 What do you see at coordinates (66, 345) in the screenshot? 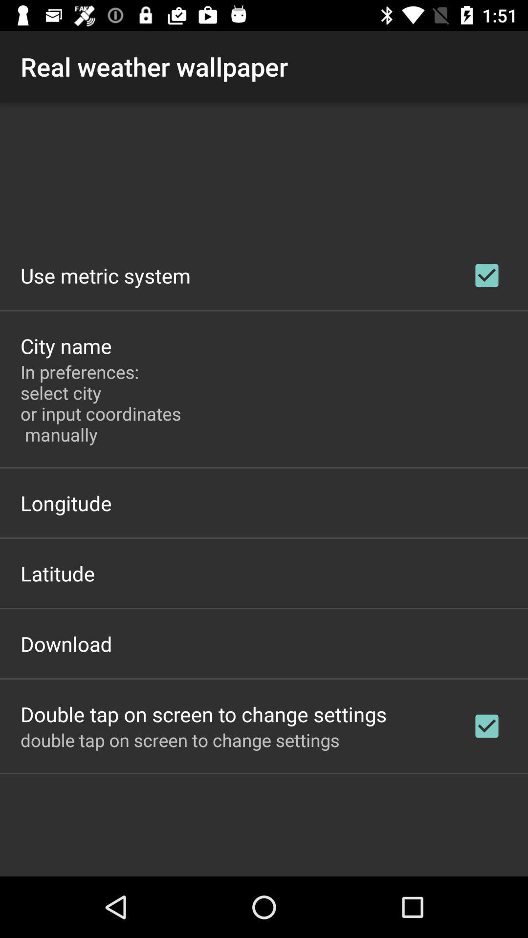
I see `app above in preferences select item` at bounding box center [66, 345].